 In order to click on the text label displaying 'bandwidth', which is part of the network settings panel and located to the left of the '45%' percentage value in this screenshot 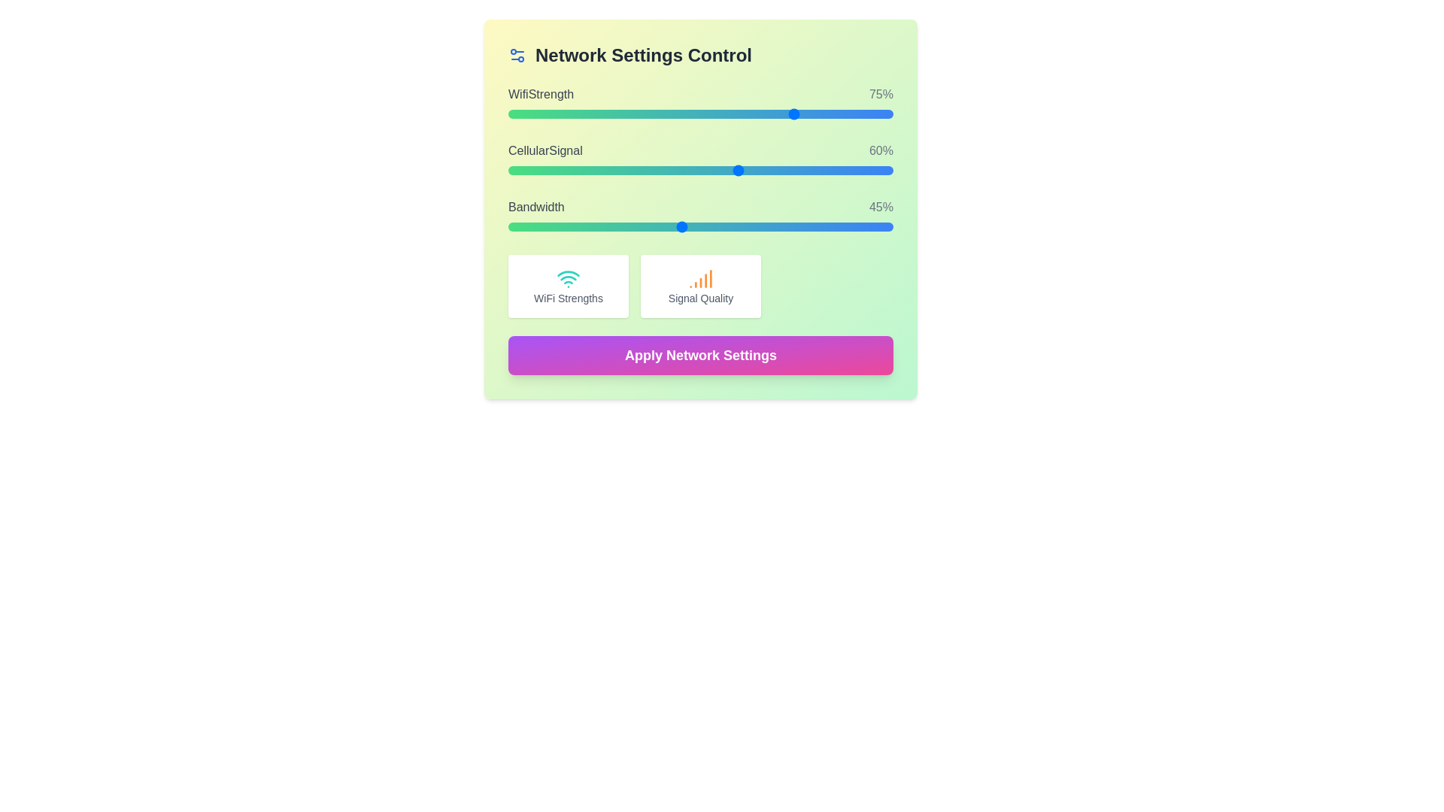, I will do `click(536, 208)`.